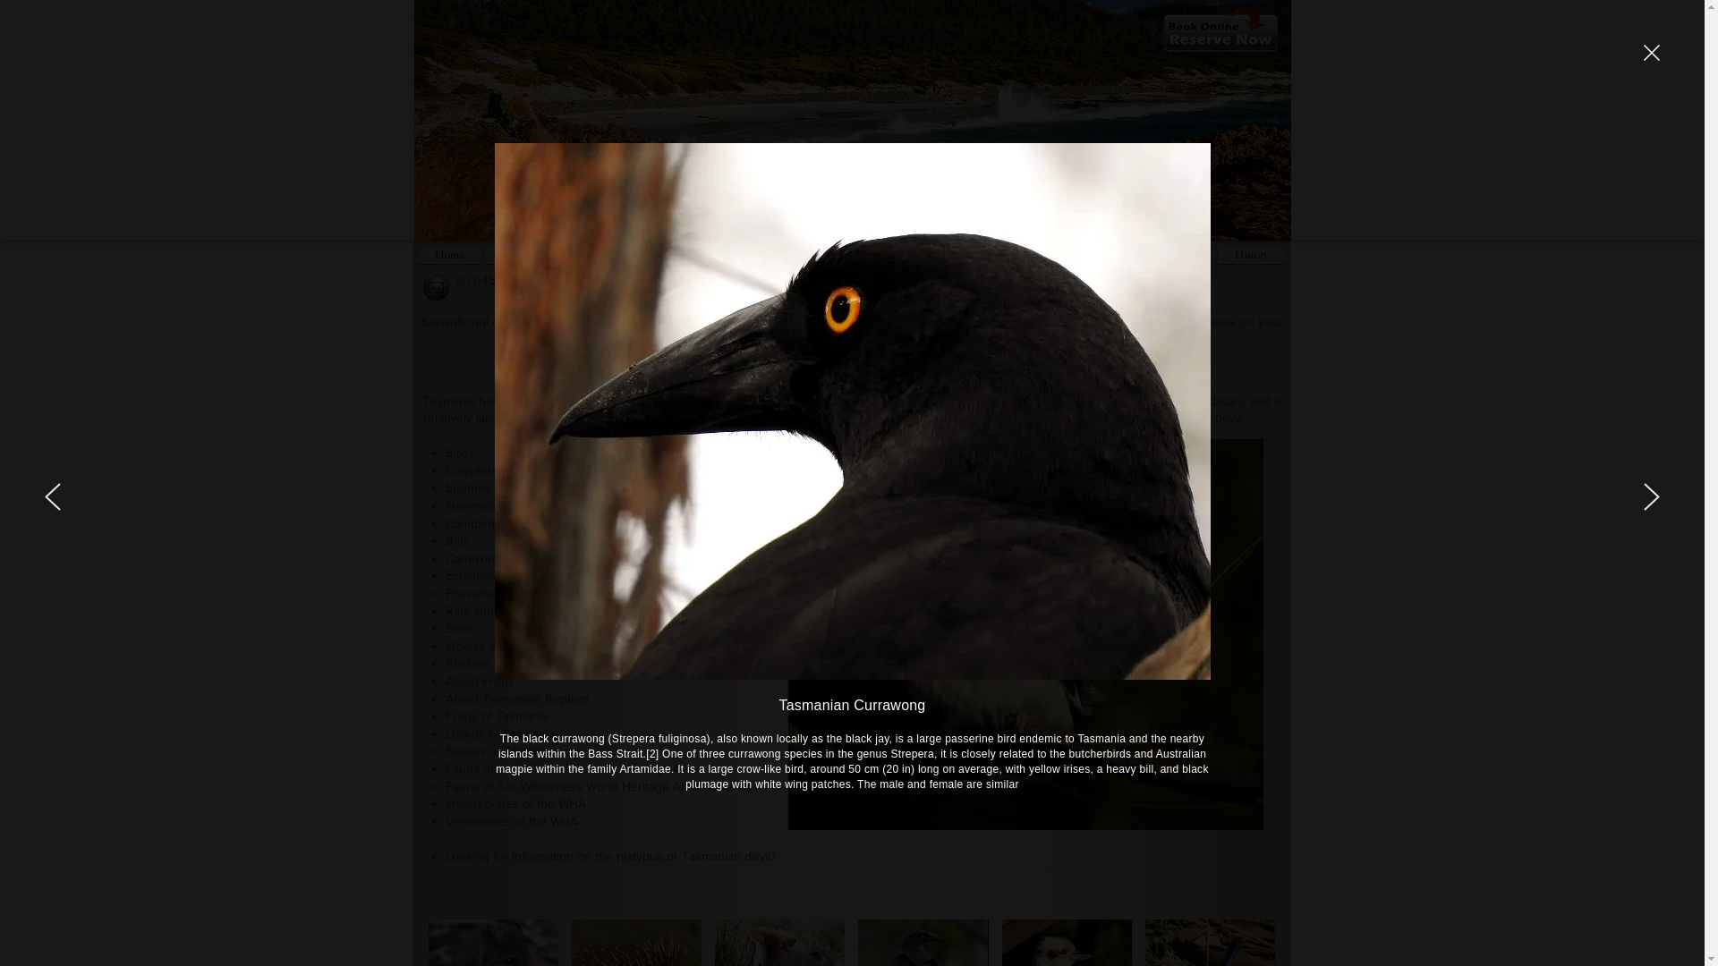 Image resolution: width=1718 pixels, height=966 pixels. What do you see at coordinates (515, 802) in the screenshot?
I see `'Invertebrates of the WHA'` at bounding box center [515, 802].